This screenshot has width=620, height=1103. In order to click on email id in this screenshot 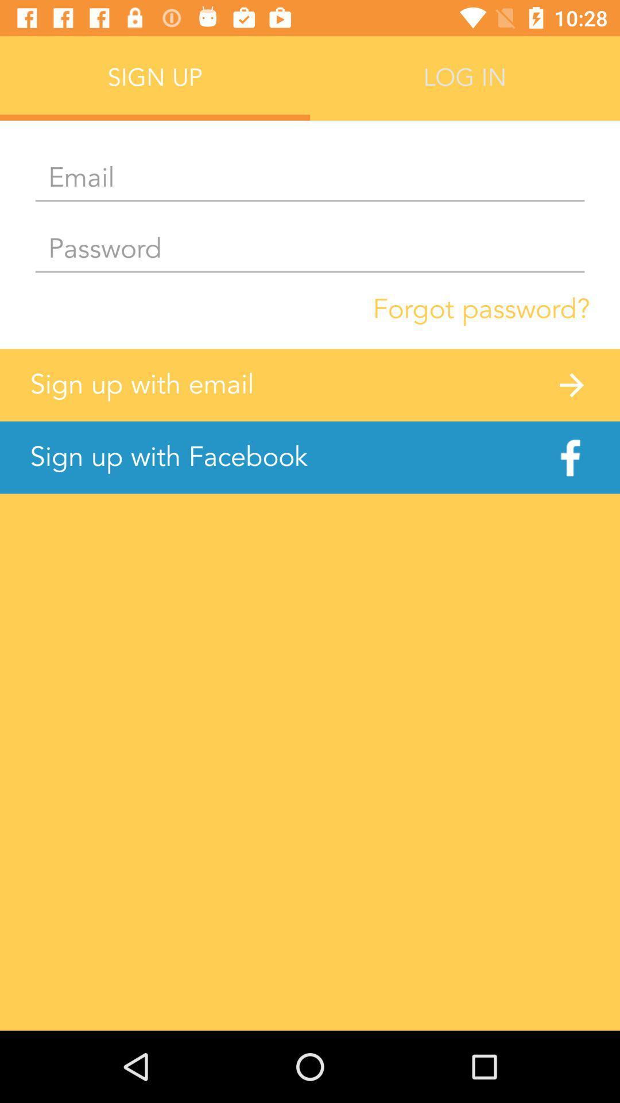, I will do `click(310, 178)`.